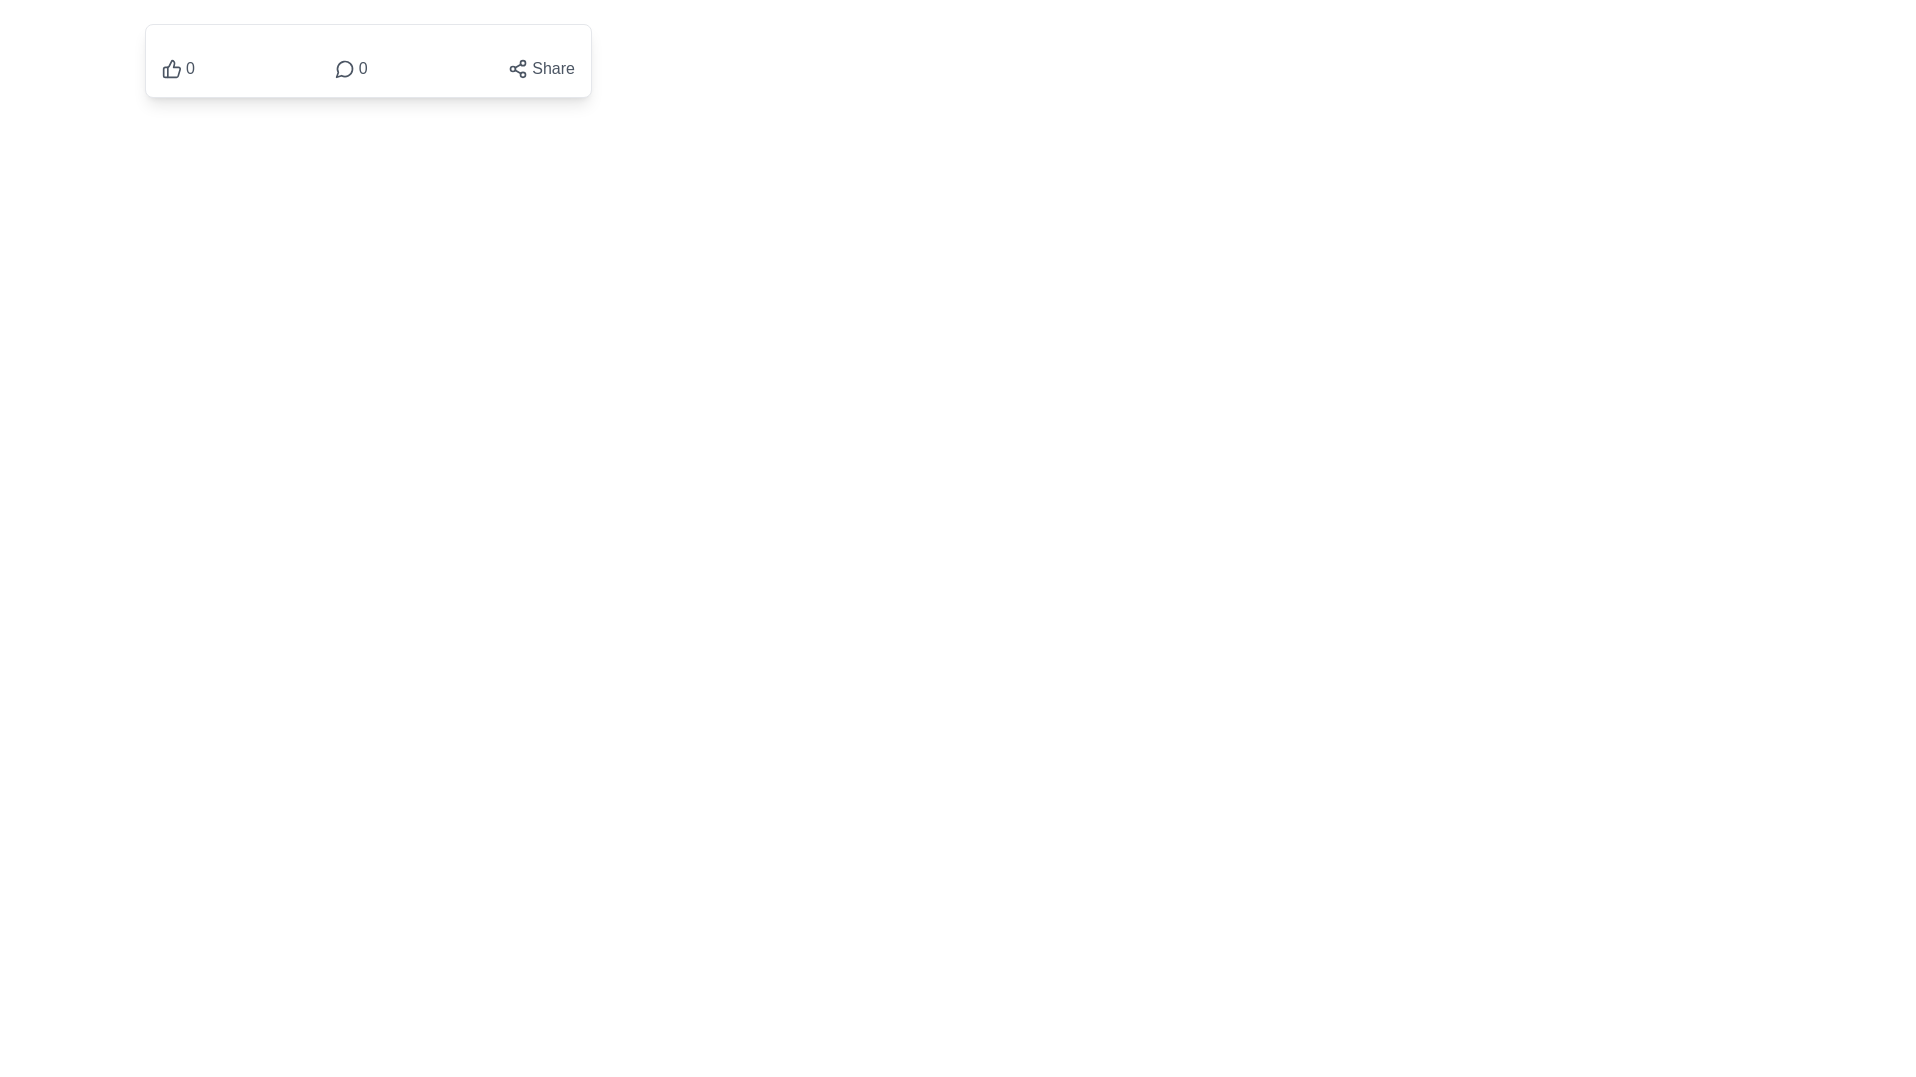  Describe the element at coordinates (178, 68) in the screenshot. I see `the first interactive element representing the count of 'likes' or 'upvotes' to change its color` at that location.